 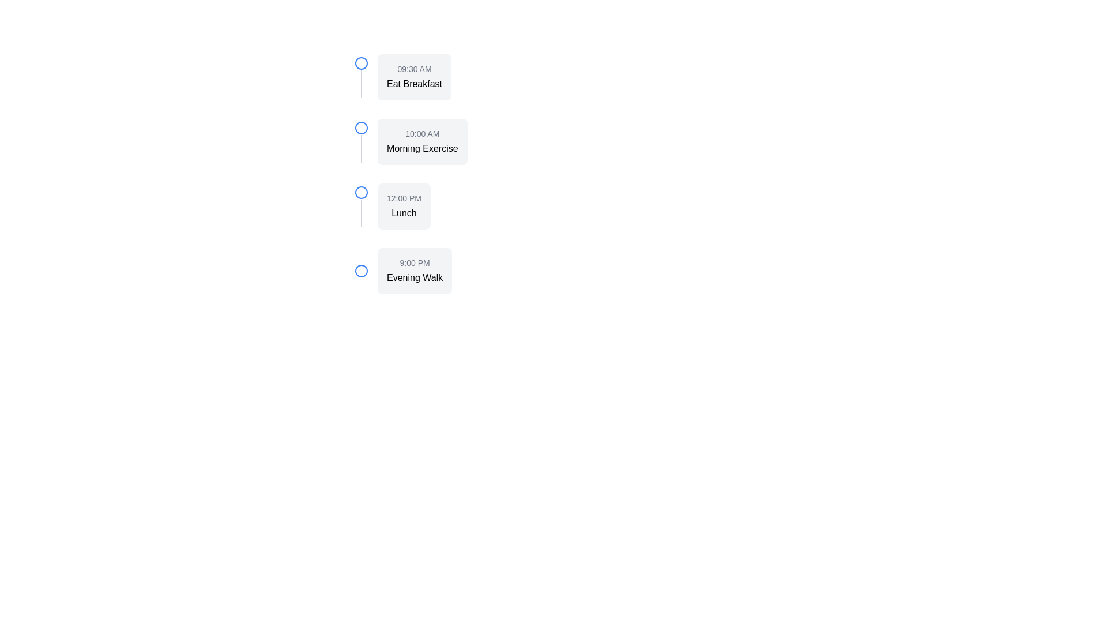 What do you see at coordinates (474, 271) in the screenshot?
I see `the fourth entry in the vertical timeline sequence titled 'Evening Walk' scheduled at 9:00 PM` at bounding box center [474, 271].